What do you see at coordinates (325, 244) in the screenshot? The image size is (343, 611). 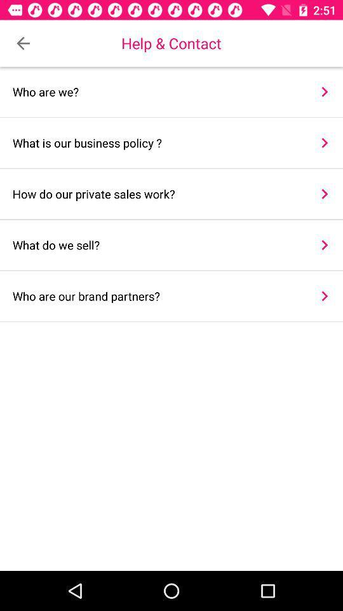 I see `item to the right of the what do we item` at bounding box center [325, 244].